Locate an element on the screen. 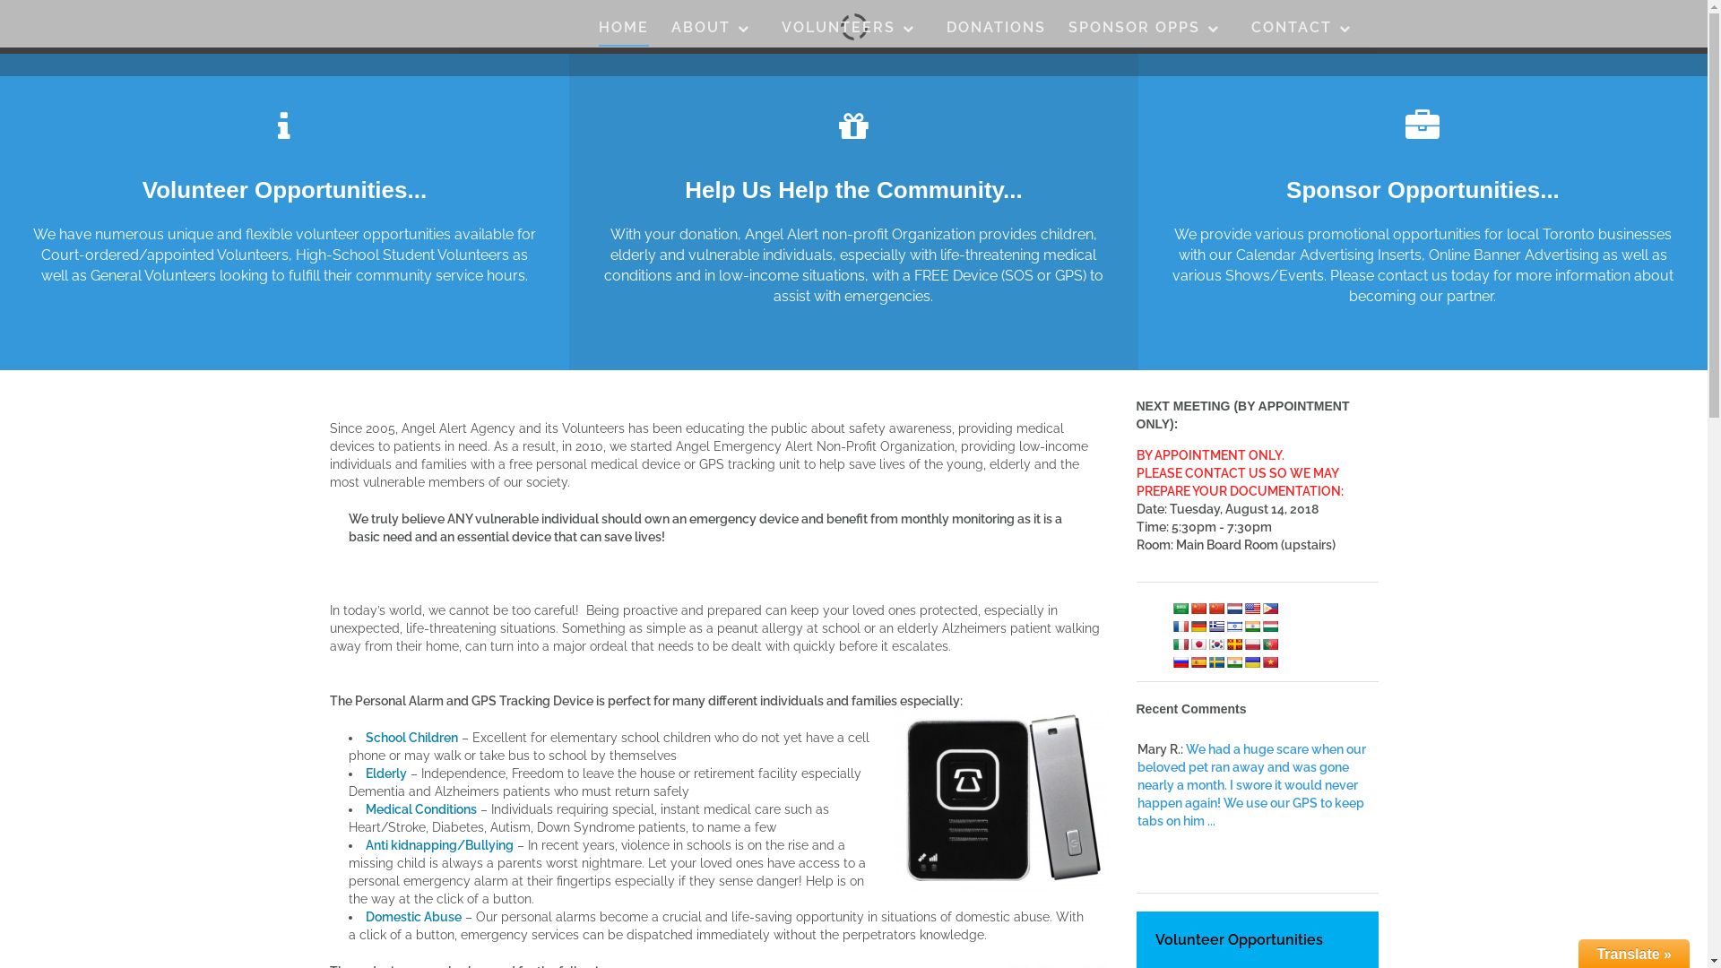  'German' is located at coordinates (1198, 625).